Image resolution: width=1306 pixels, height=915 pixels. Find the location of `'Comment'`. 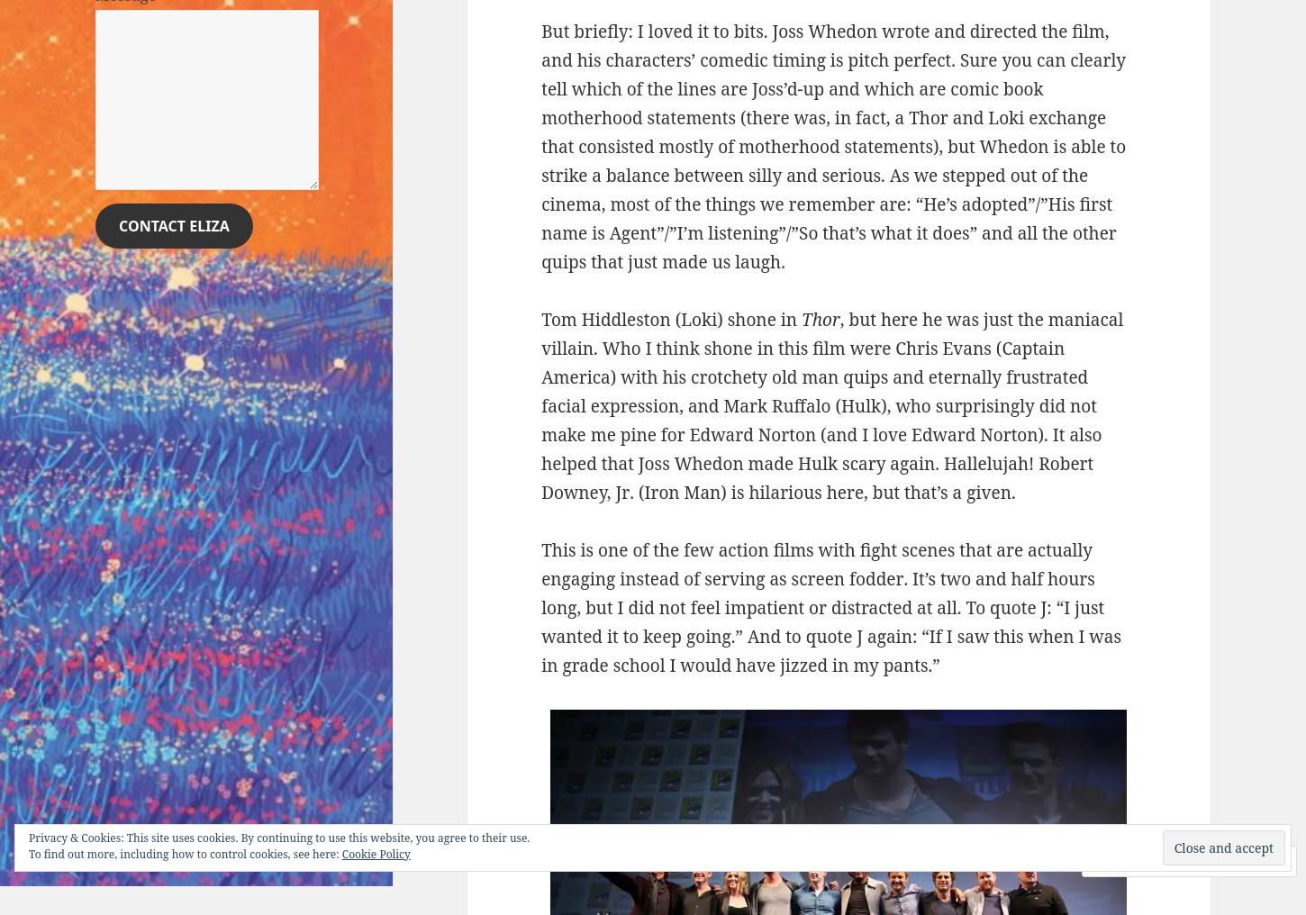

'Comment' is located at coordinates (1141, 861).